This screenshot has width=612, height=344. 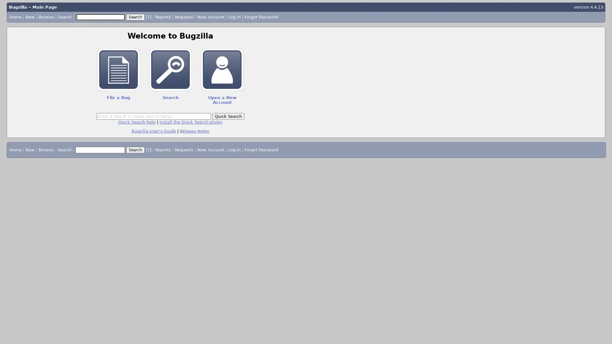 What do you see at coordinates (135, 17) in the screenshot?
I see `Search` at bounding box center [135, 17].